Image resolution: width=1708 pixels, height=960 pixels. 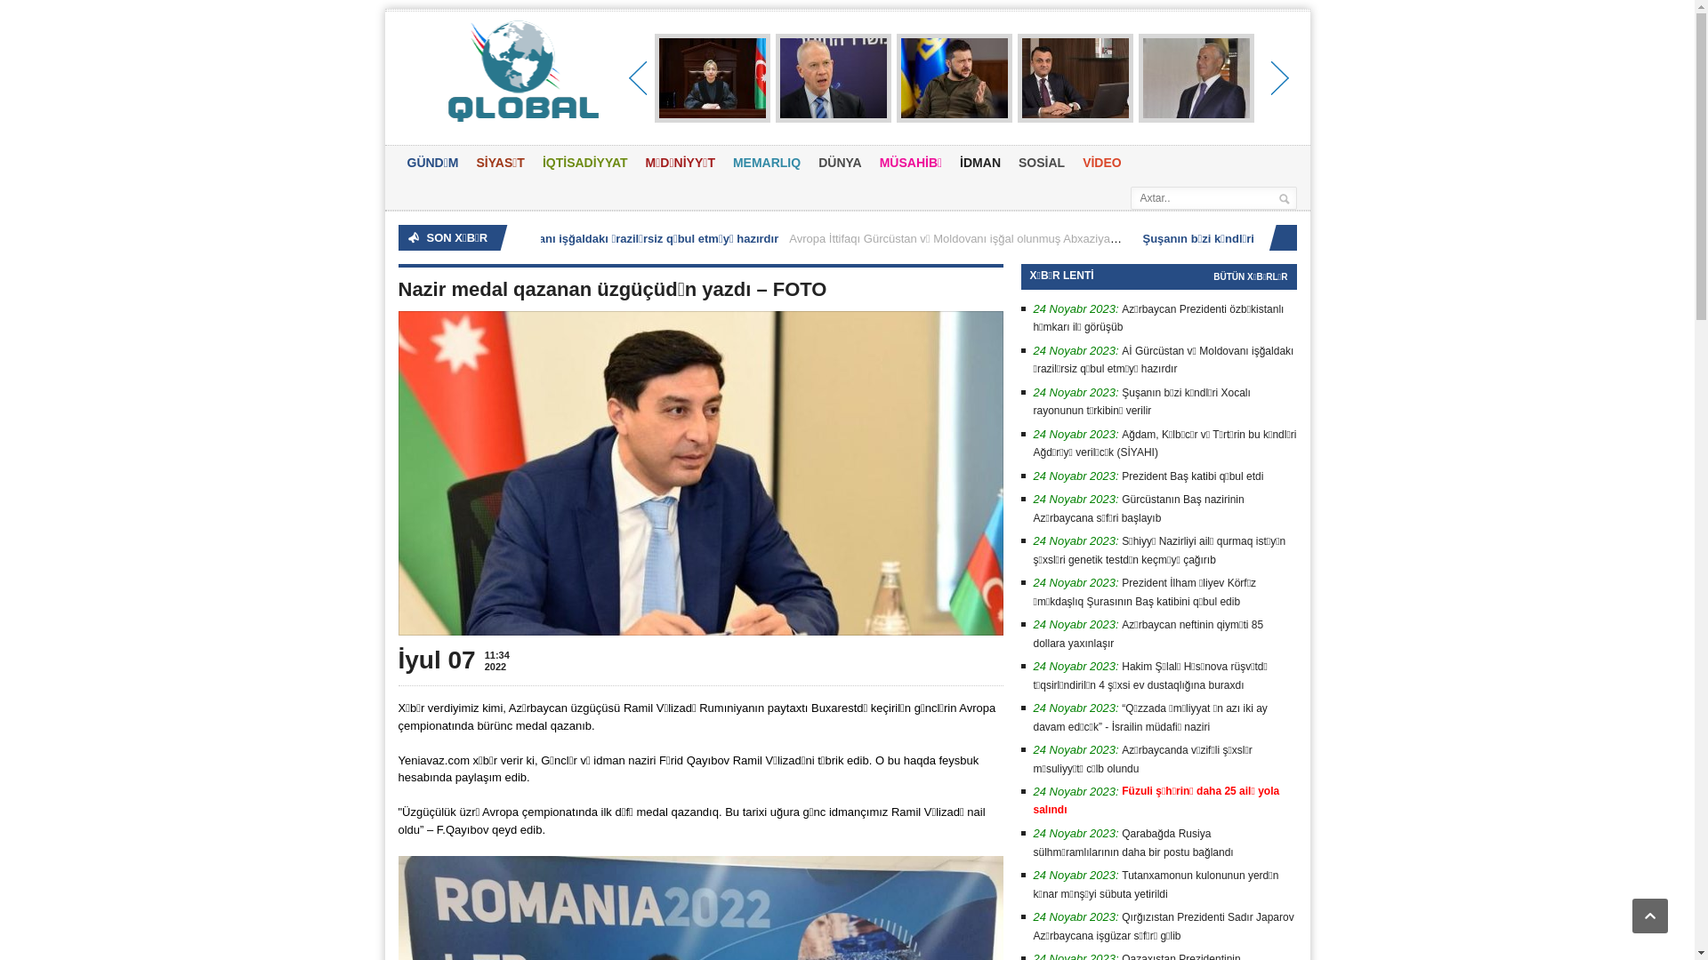 I want to click on 'MEMARLIQ', so click(x=767, y=164).